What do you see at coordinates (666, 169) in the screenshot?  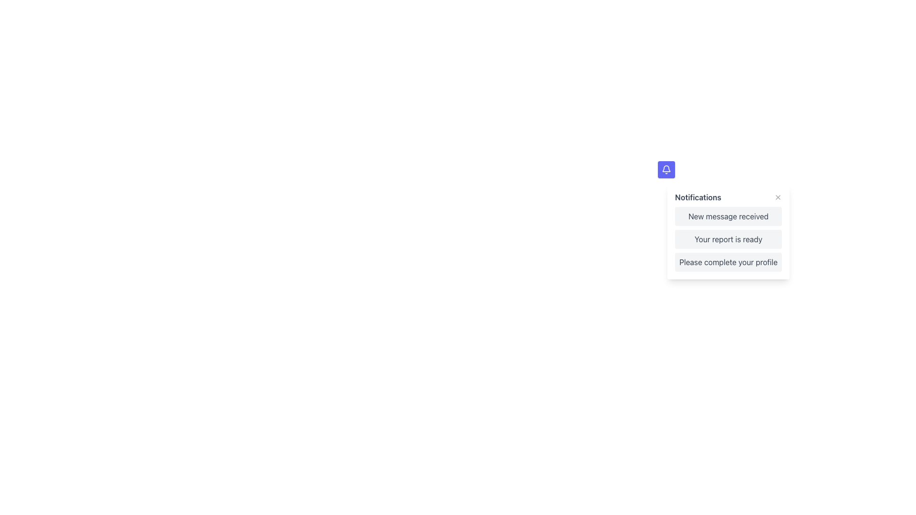 I see `the notification button with keyboard navigation` at bounding box center [666, 169].